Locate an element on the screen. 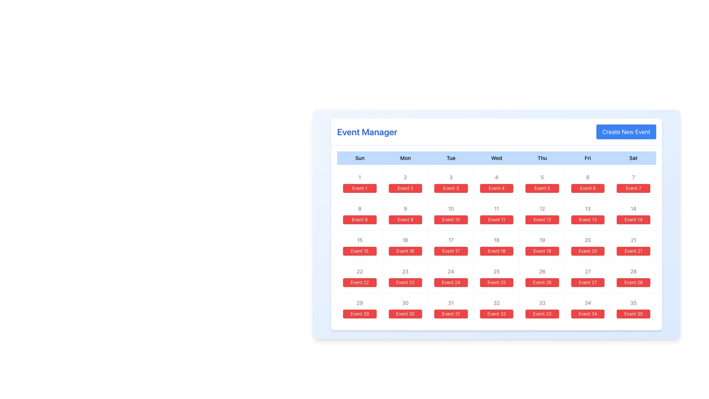  the red rectangular button labeled 'Event 31' located in the seventh row and fifth column under 'Event Manager' is located at coordinates (451, 314).